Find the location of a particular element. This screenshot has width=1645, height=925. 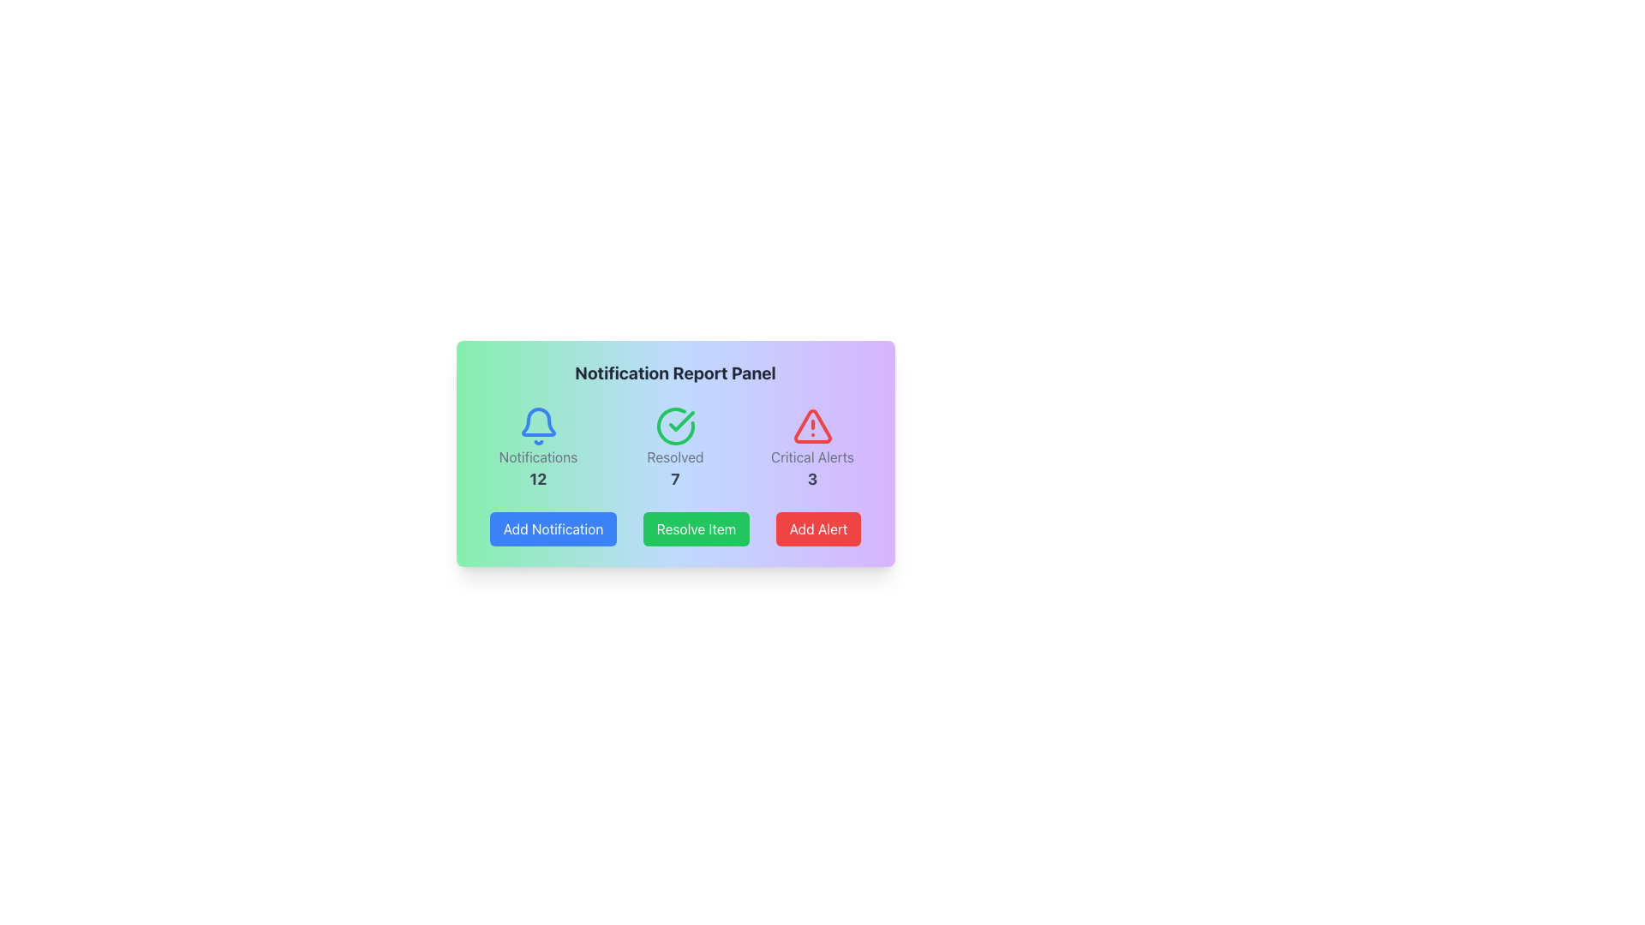

the Informational display element labeled 'Notifications' that features a blue bell icon, gray text, and a bold black counter of '12' is located at coordinates (537, 448).